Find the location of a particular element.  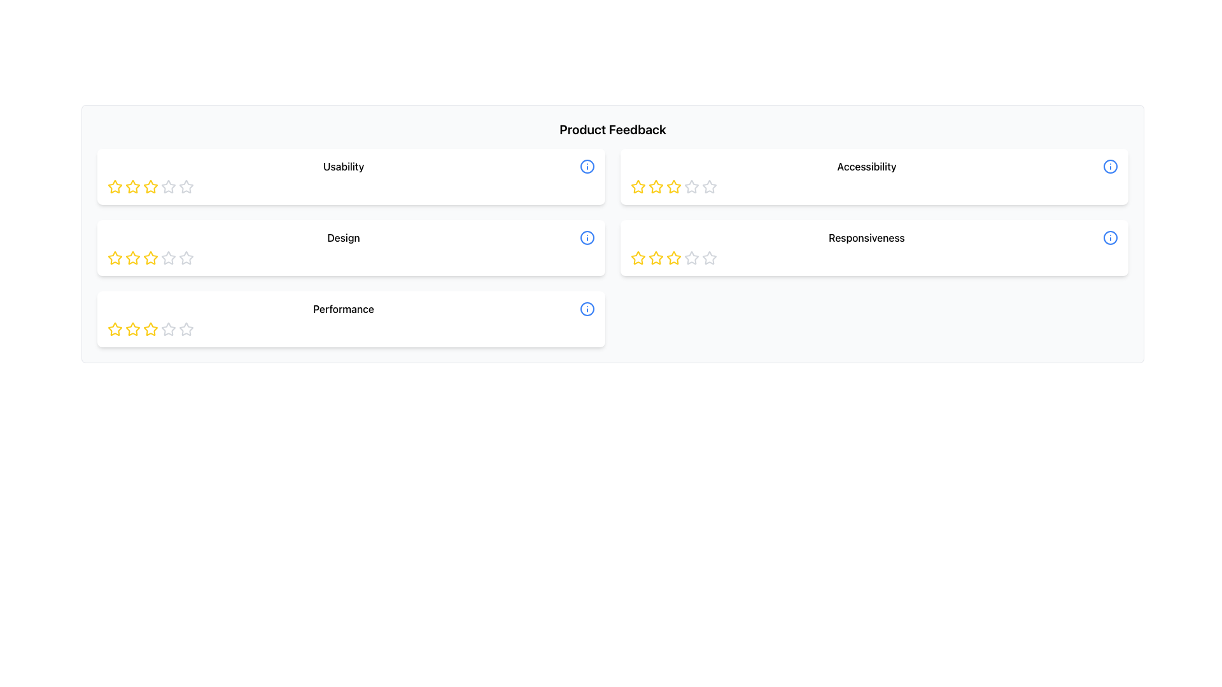

the third rating star in the user feedback system's usability section is located at coordinates (167, 186).